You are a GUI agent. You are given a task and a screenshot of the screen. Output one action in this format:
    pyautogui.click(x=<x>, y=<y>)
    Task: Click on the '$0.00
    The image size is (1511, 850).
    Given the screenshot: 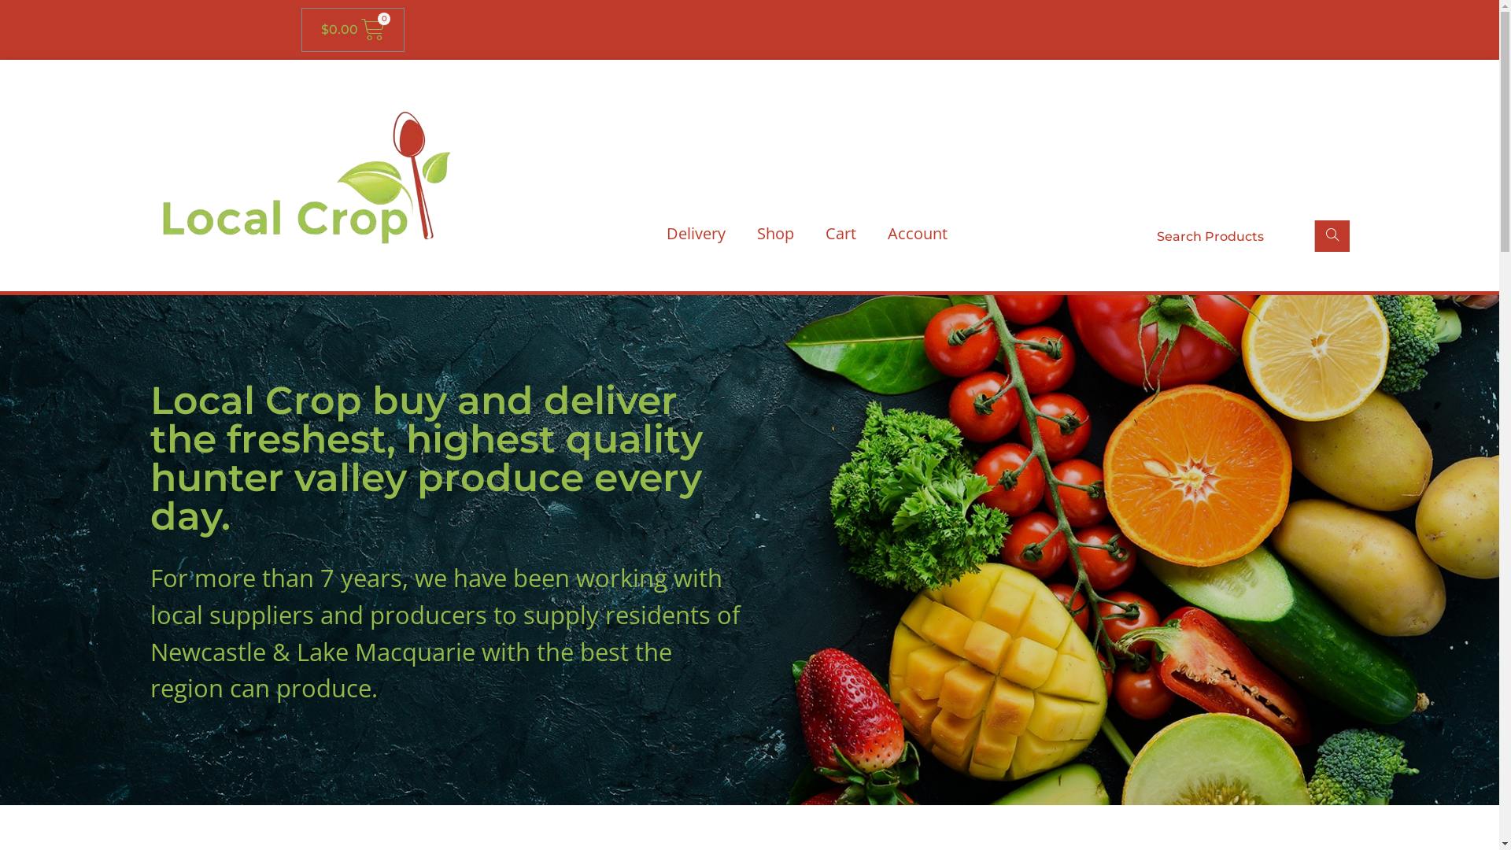 What is the action you would take?
    pyautogui.click(x=351, y=30)
    